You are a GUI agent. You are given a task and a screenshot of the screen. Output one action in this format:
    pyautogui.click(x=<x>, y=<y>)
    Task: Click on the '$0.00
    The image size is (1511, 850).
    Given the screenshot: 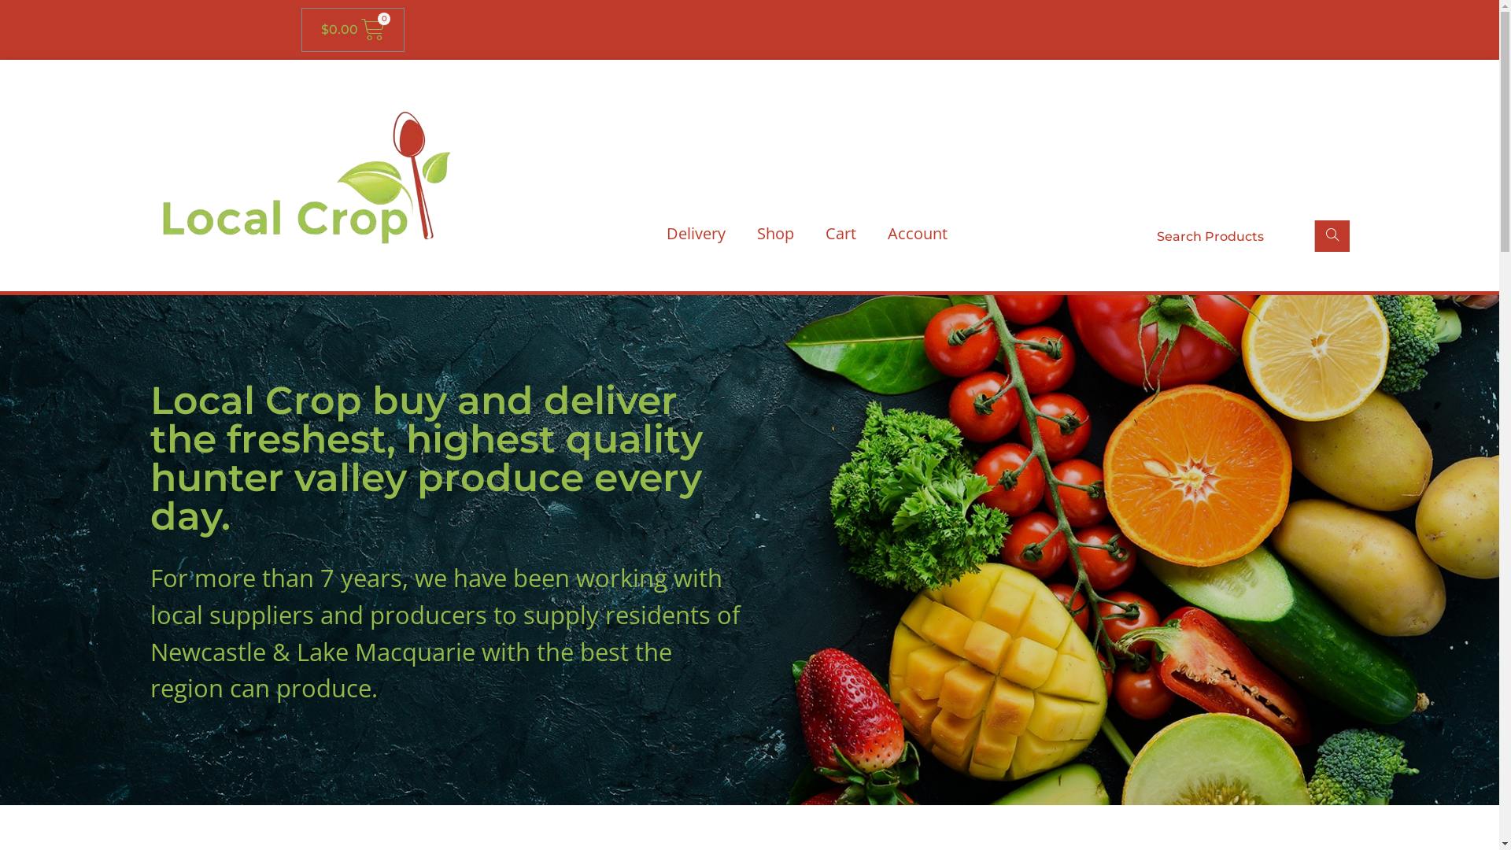 What is the action you would take?
    pyautogui.click(x=351, y=30)
    